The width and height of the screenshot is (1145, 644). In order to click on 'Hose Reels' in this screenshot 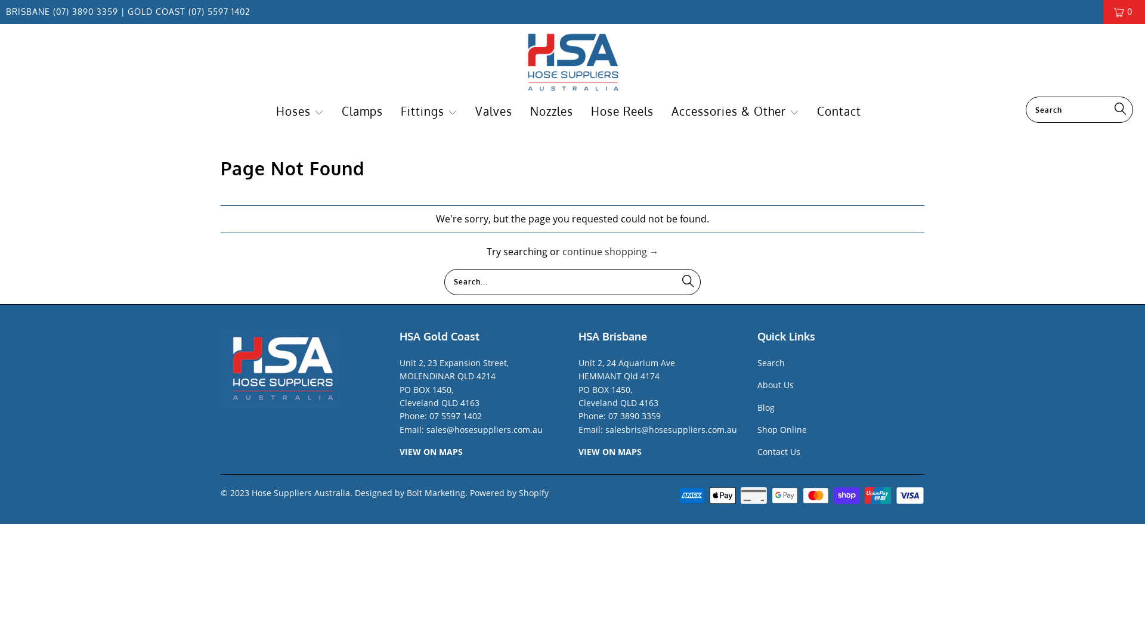, I will do `click(621, 112)`.